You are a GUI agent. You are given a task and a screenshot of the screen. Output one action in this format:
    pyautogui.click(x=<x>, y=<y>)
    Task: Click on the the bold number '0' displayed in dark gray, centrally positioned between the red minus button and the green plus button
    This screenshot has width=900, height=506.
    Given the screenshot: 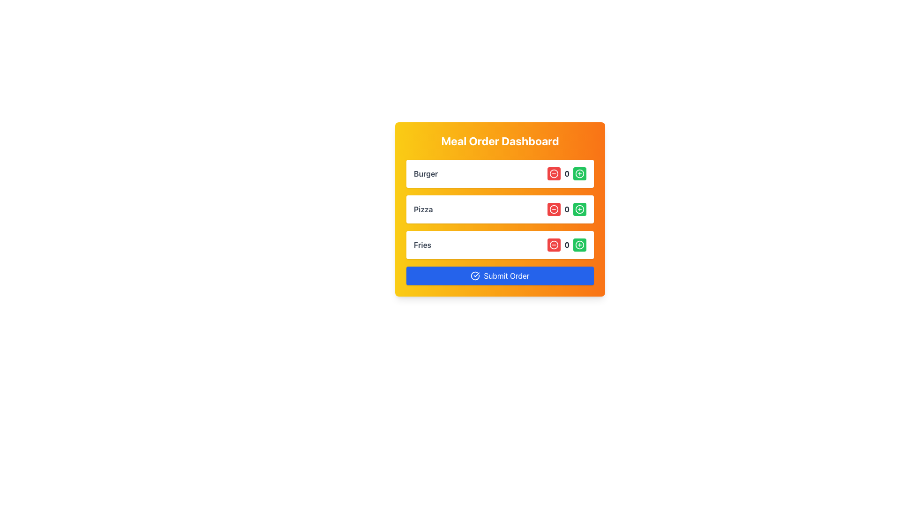 What is the action you would take?
    pyautogui.click(x=566, y=209)
    